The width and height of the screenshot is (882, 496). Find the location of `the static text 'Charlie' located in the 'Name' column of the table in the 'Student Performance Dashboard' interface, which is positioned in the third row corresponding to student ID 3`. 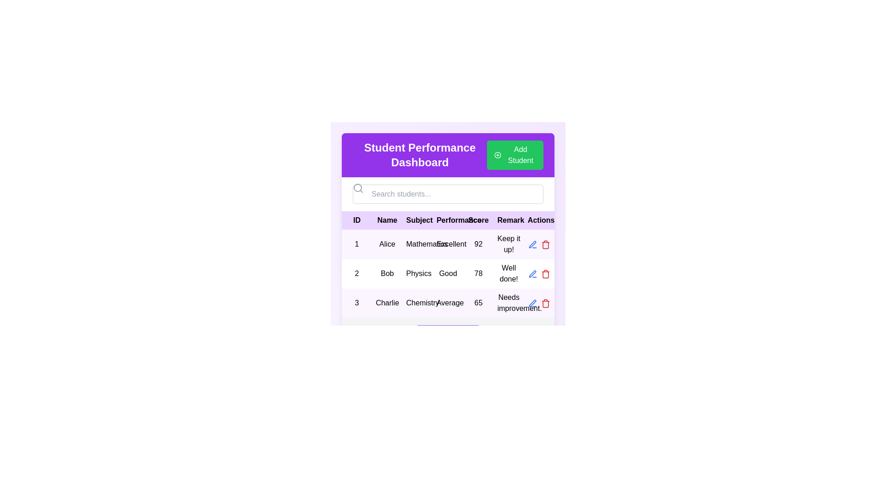

the static text 'Charlie' located in the 'Name' column of the table in the 'Student Performance Dashboard' interface, which is positioned in the third row corresponding to student ID 3 is located at coordinates (387, 303).